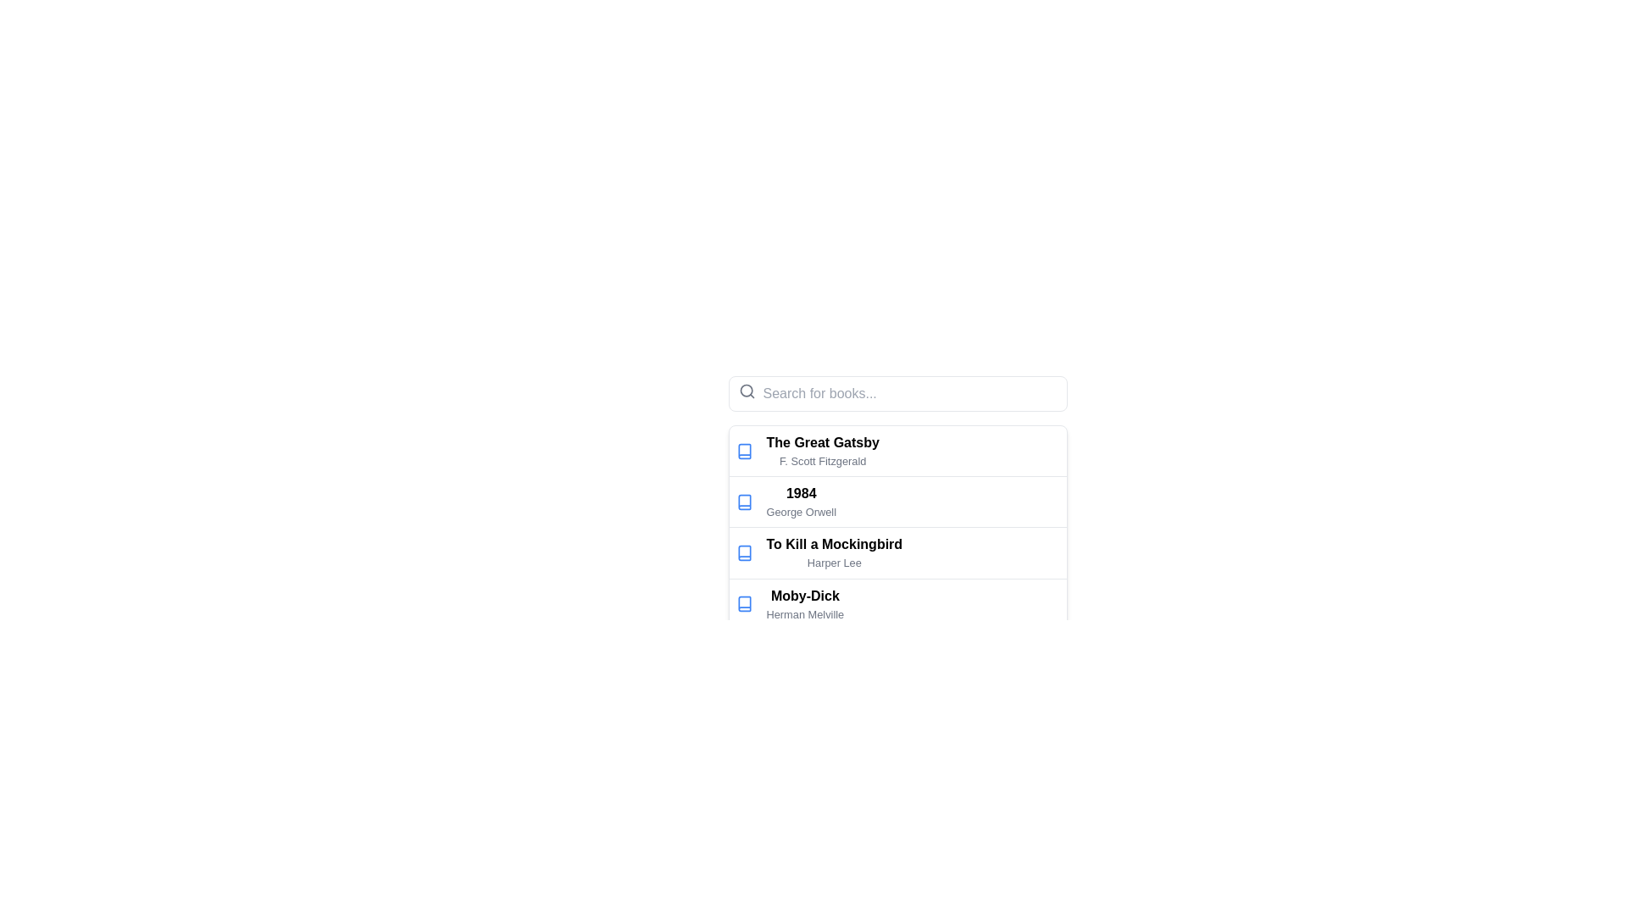  Describe the element at coordinates (800, 511) in the screenshot. I see `the text label displaying the author's name 'George Orwell' located in the second row of the list beneath the book title '1984'` at that location.